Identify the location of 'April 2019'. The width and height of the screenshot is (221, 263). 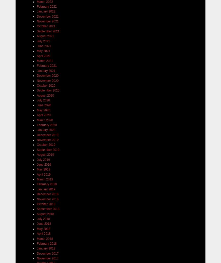
(37, 174).